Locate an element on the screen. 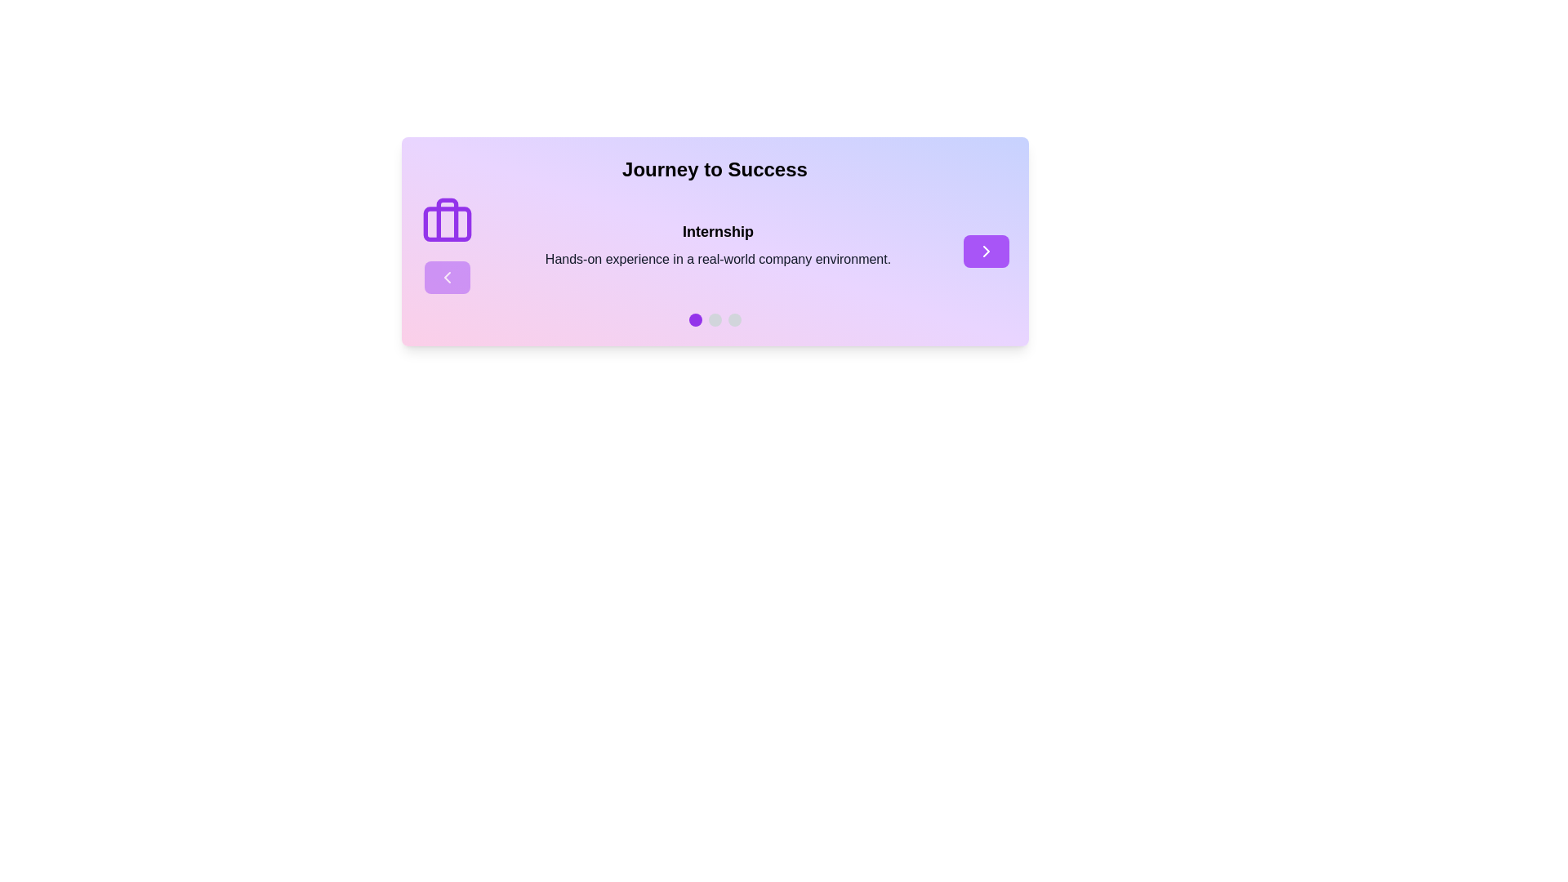  the primary heading text that serves as the title of the component, positioned at the top and centered horizontally above other descriptive text is located at coordinates (715, 170).